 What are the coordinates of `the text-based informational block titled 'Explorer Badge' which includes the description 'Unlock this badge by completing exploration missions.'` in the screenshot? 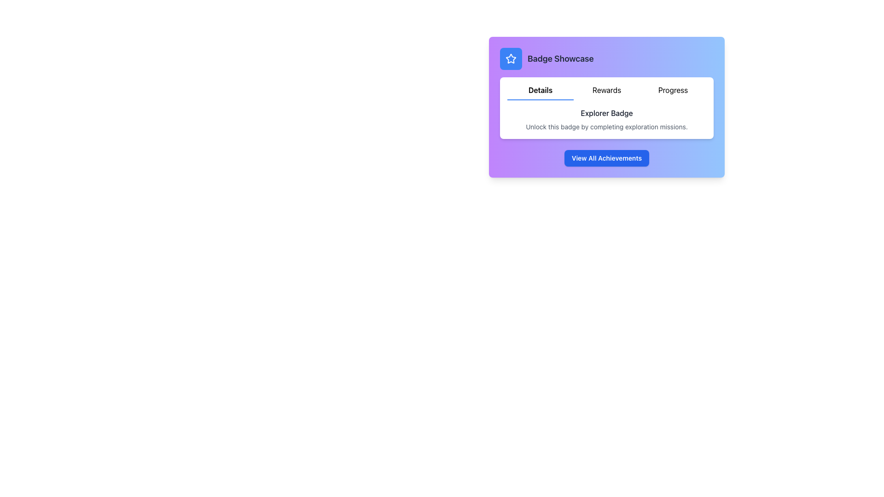 It's located at (607, 119).